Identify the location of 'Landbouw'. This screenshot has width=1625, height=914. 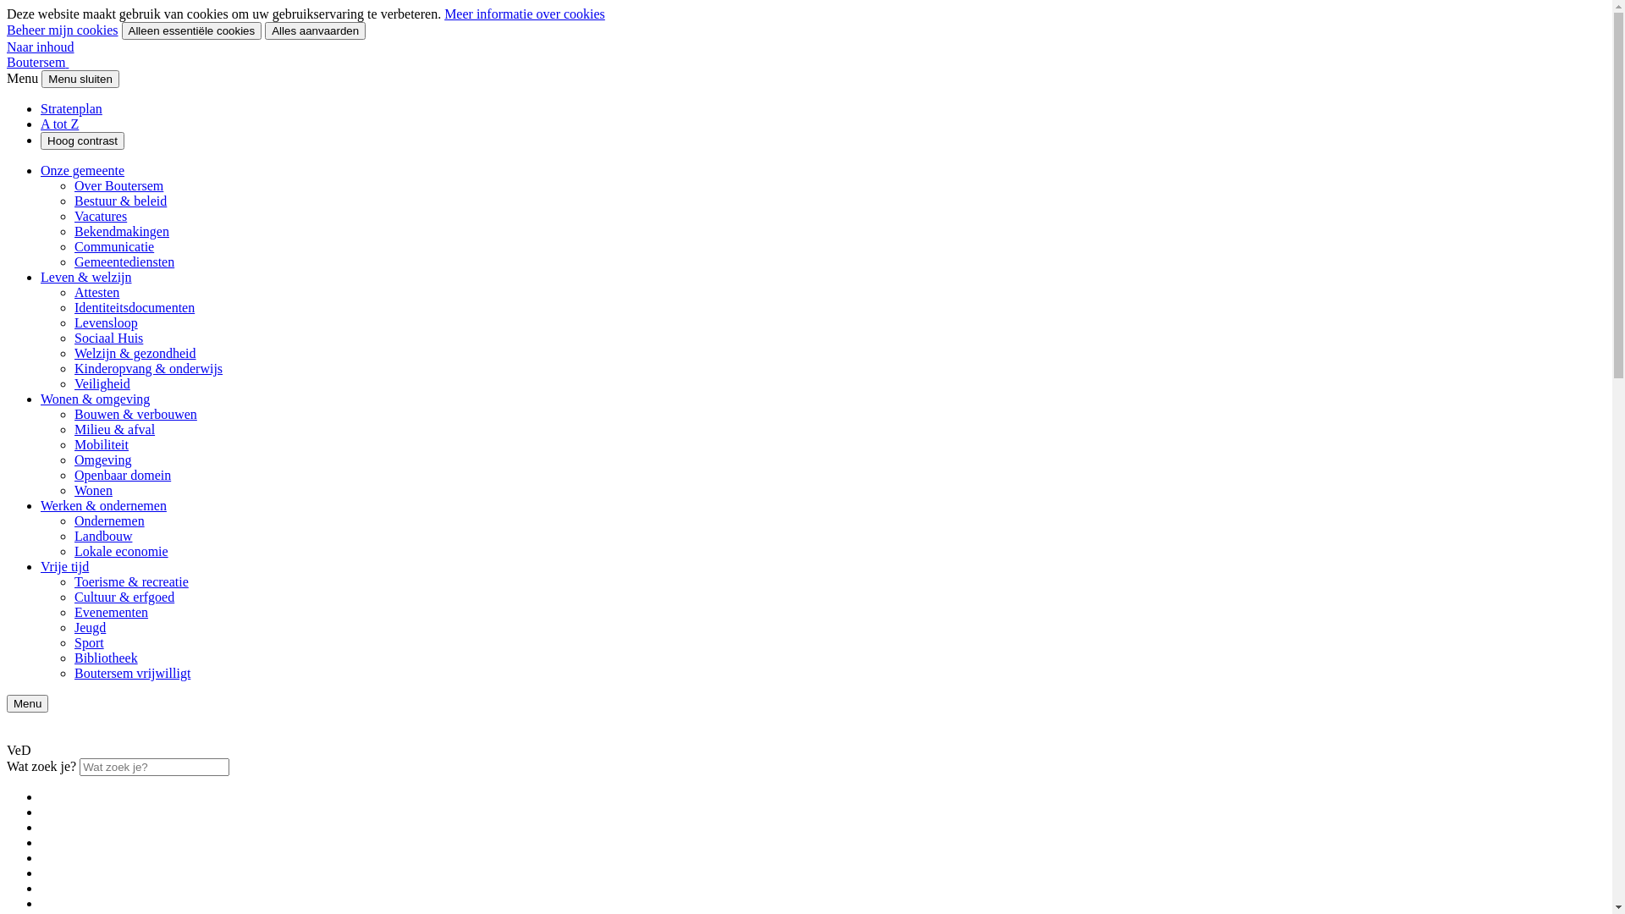
(73, 536).